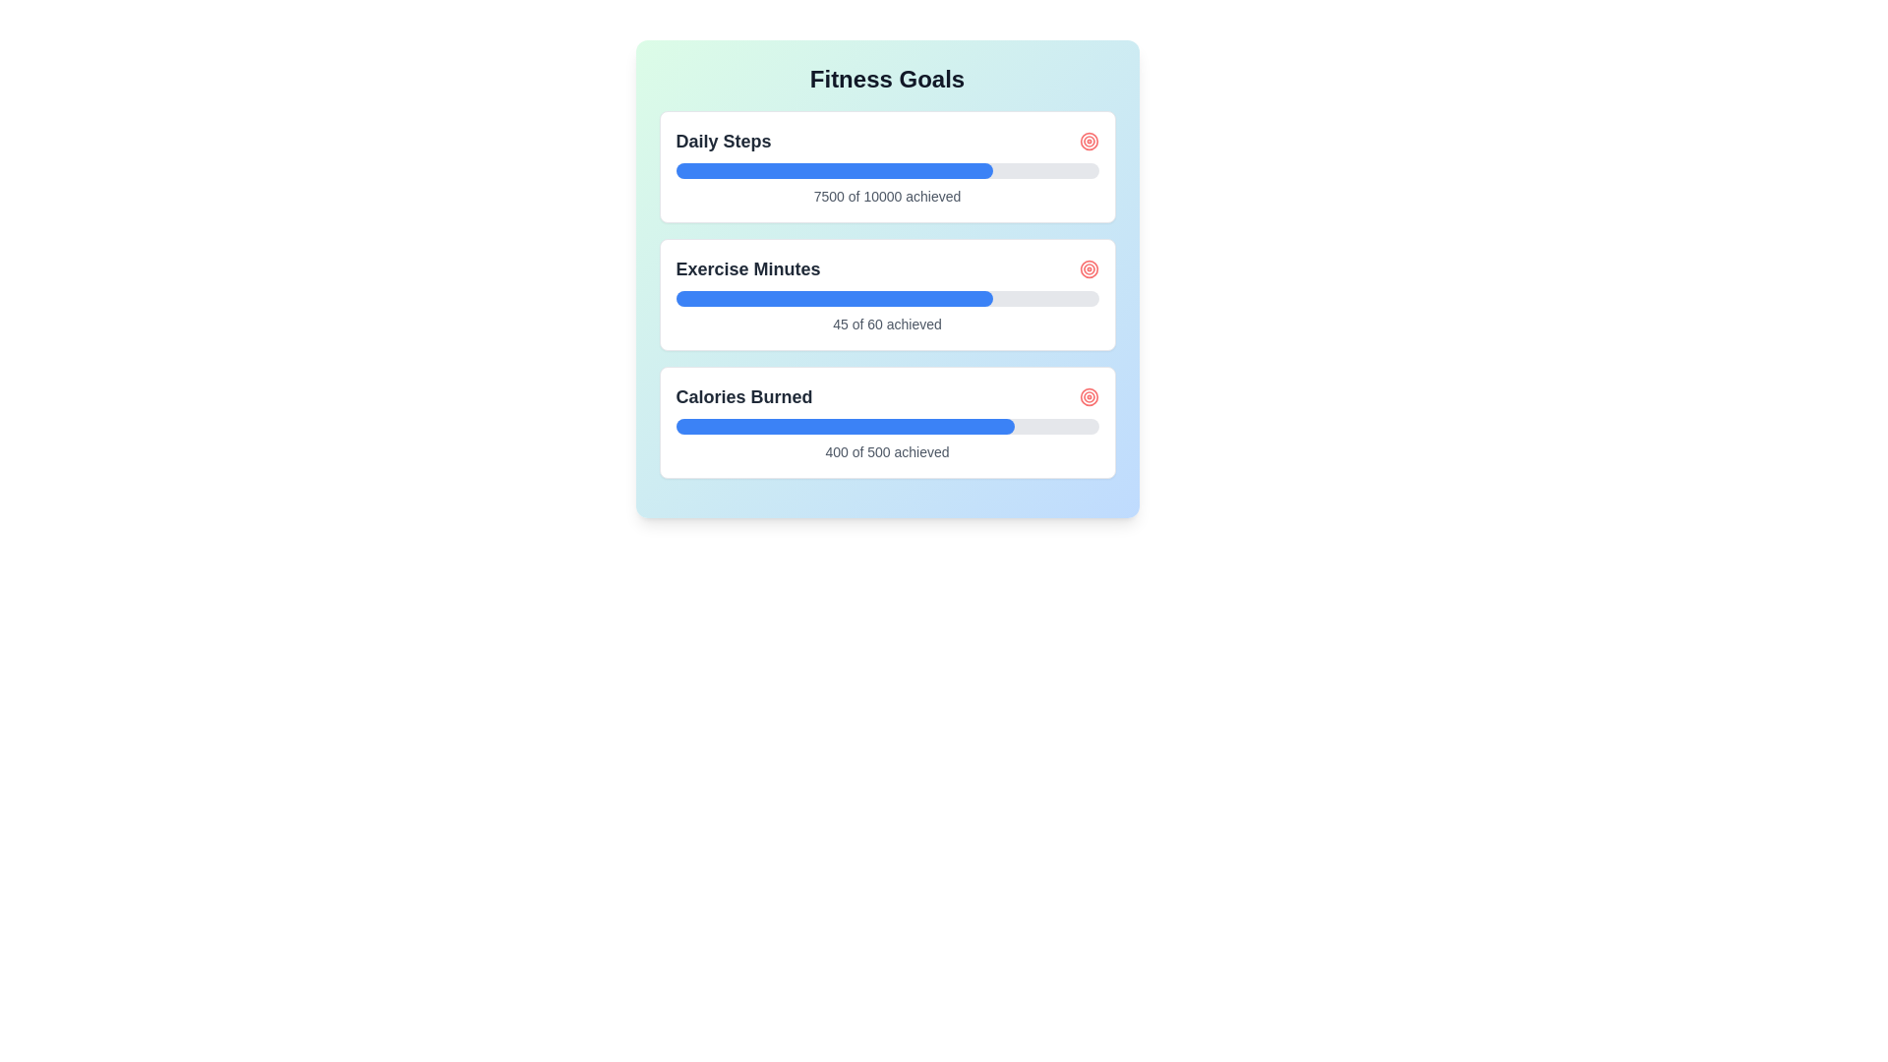 This screenshot has height=1062, width=1888. Describe the element at coordinates (886, 165) in the screenshot. I see `the progress bar status of the Progress Card located at the top of the 'Fitness Goals' section, which visually represents the user's progress toward daily steps` at that location.